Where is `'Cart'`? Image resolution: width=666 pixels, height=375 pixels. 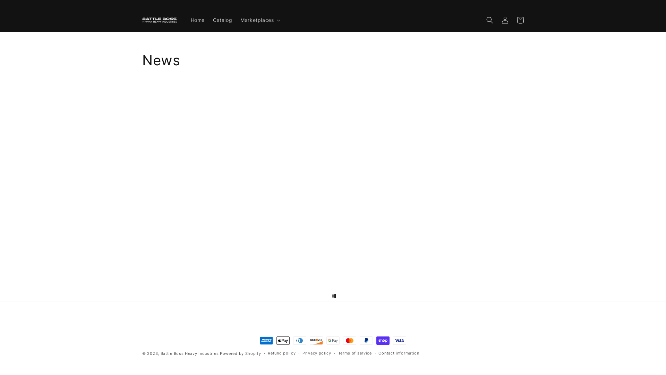
'Cart' is located at coordinates (520, 19).